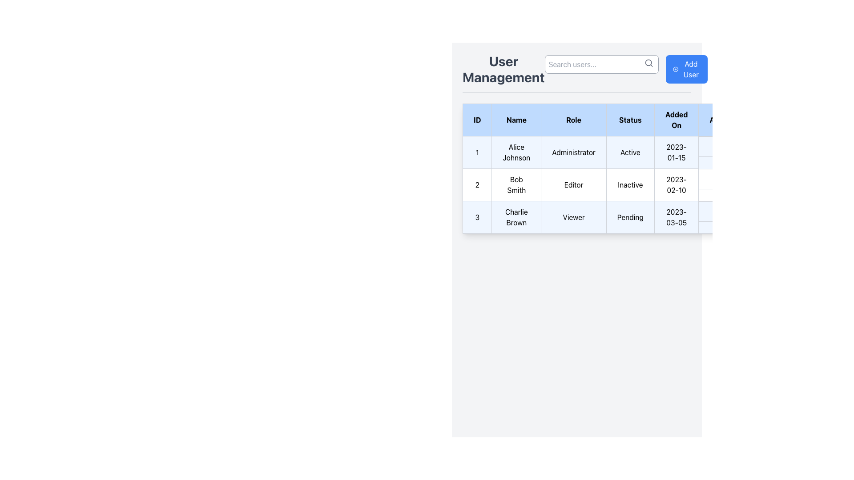 The image size is (854, 480). Describe the element at coordinates (676, 120) in the screenshot. I see `the 'Added On' column header in the table, which is the fifth header located between 'Status' and 'Actions'` at that location.